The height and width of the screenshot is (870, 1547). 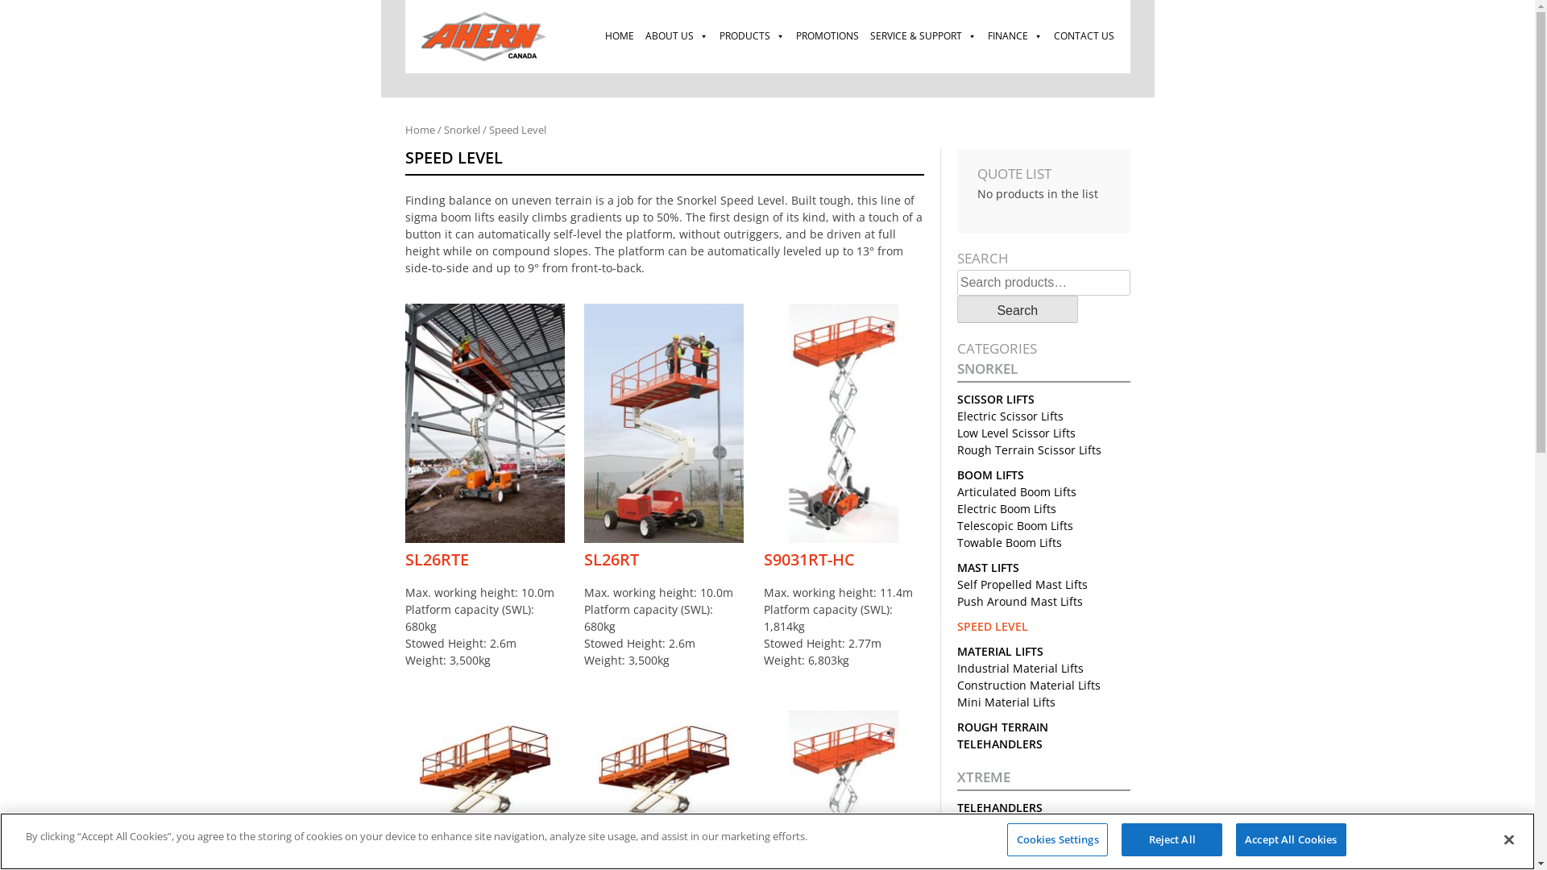 What do you see at coordinates (989, 474) in the screenshot?
I see `'BOOM LIFTS'` at bounding box center [989, 474].